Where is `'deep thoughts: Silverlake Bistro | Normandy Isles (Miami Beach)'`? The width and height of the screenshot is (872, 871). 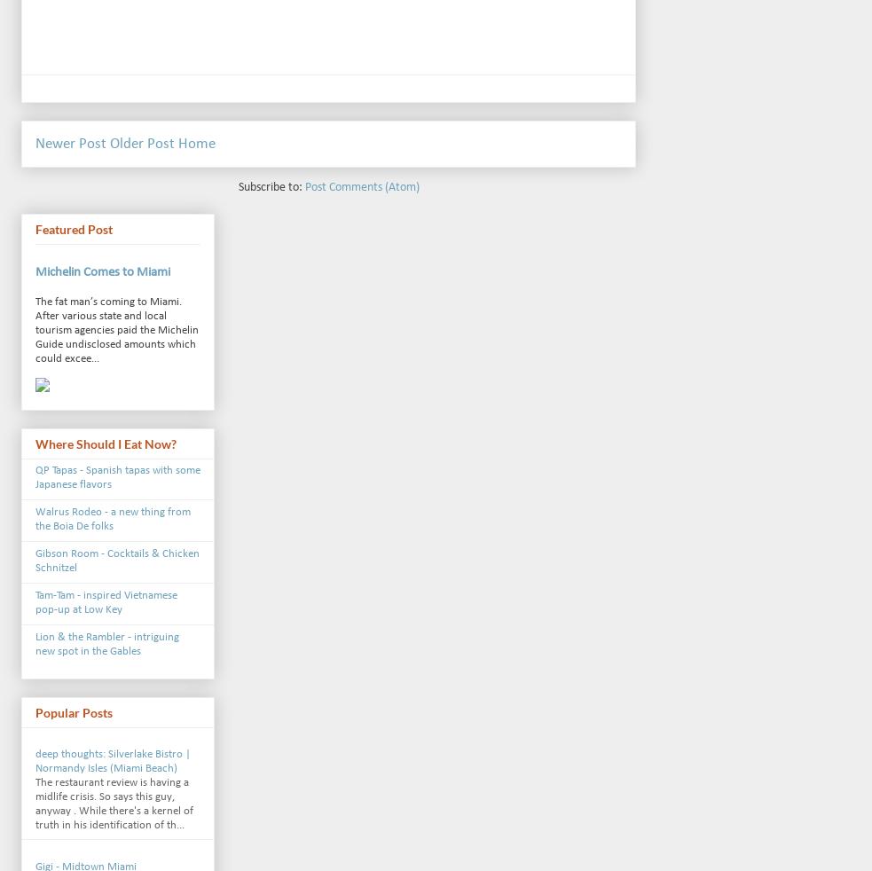 'deep thoughts: Silverlake Bistro | Normandy Isles (Miami Beach)' is located at coordinates (112, 760).